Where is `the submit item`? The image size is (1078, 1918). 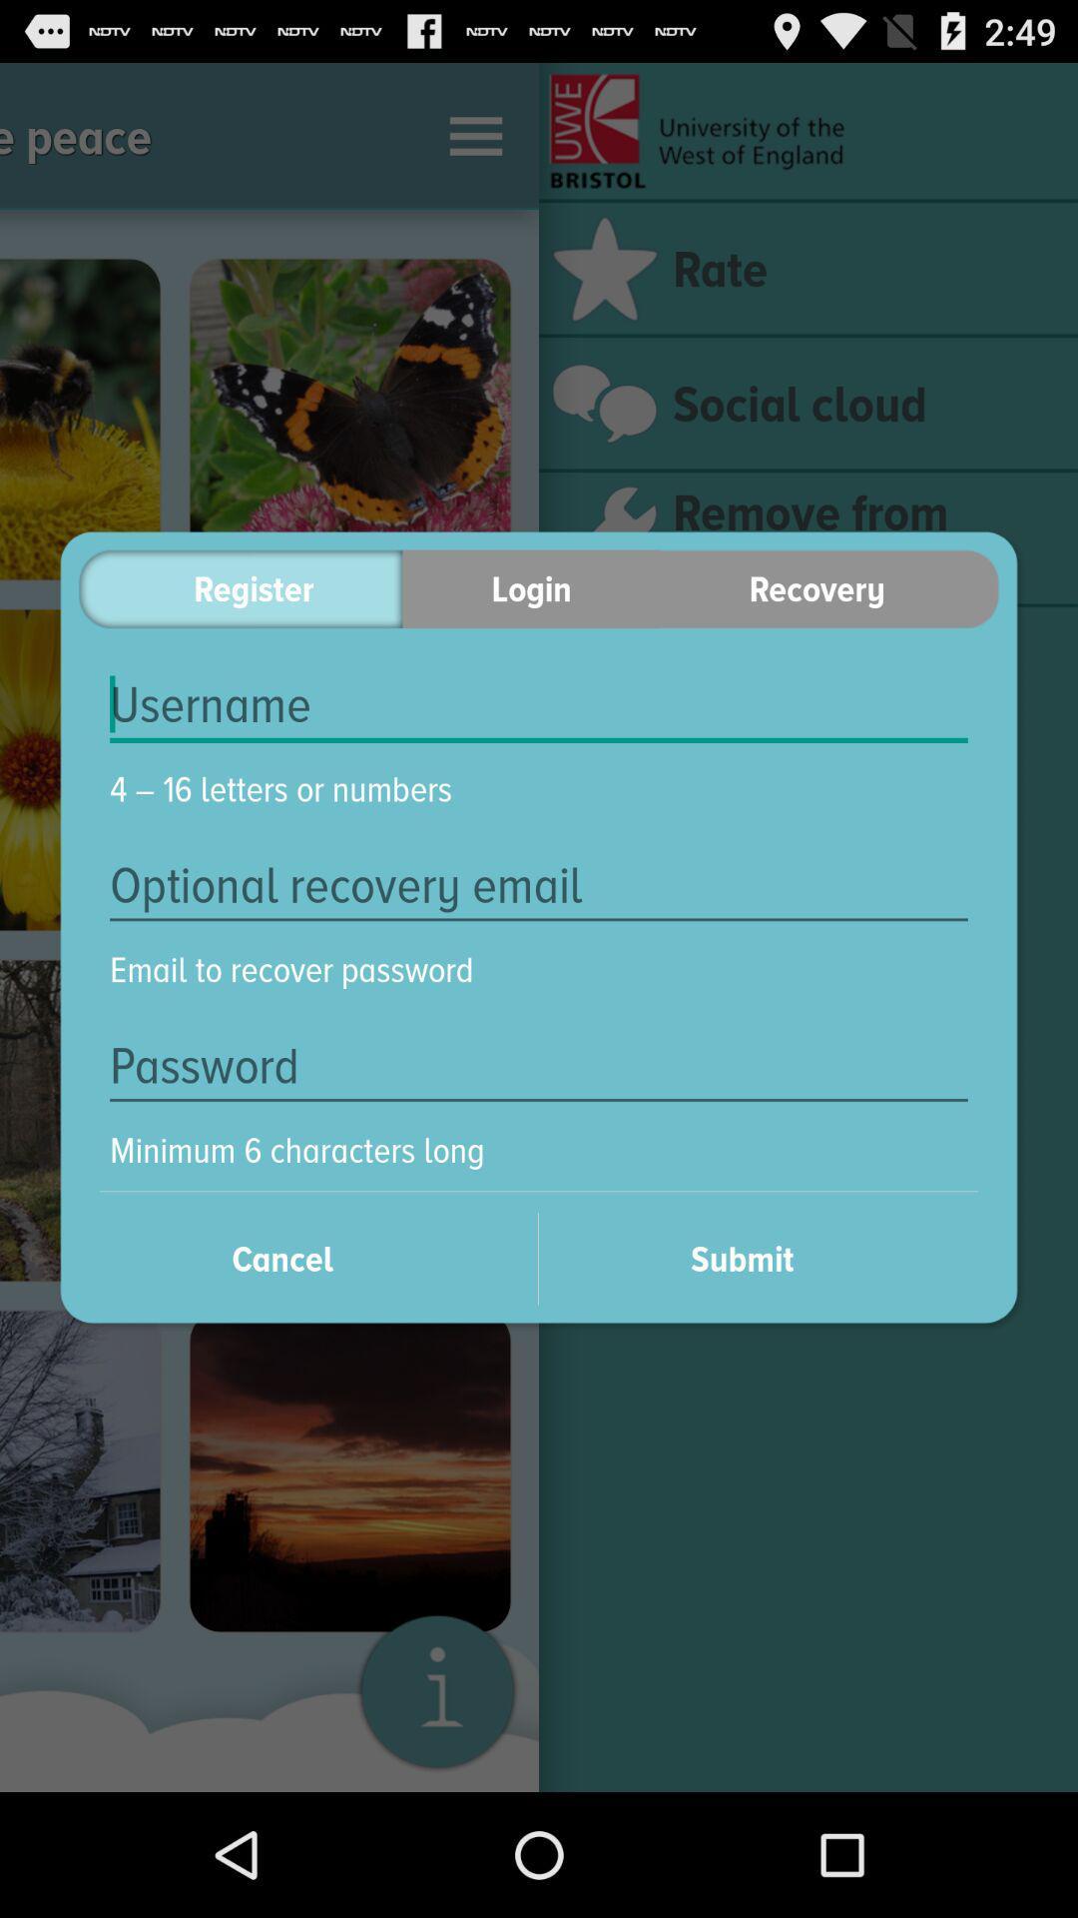
the submit item is located at coordinates (768, 1258).